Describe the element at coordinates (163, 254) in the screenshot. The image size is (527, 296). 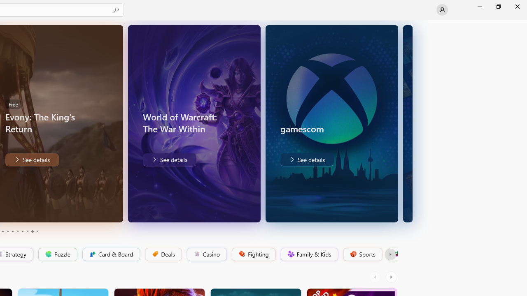
I see `'Deals'` at that location.